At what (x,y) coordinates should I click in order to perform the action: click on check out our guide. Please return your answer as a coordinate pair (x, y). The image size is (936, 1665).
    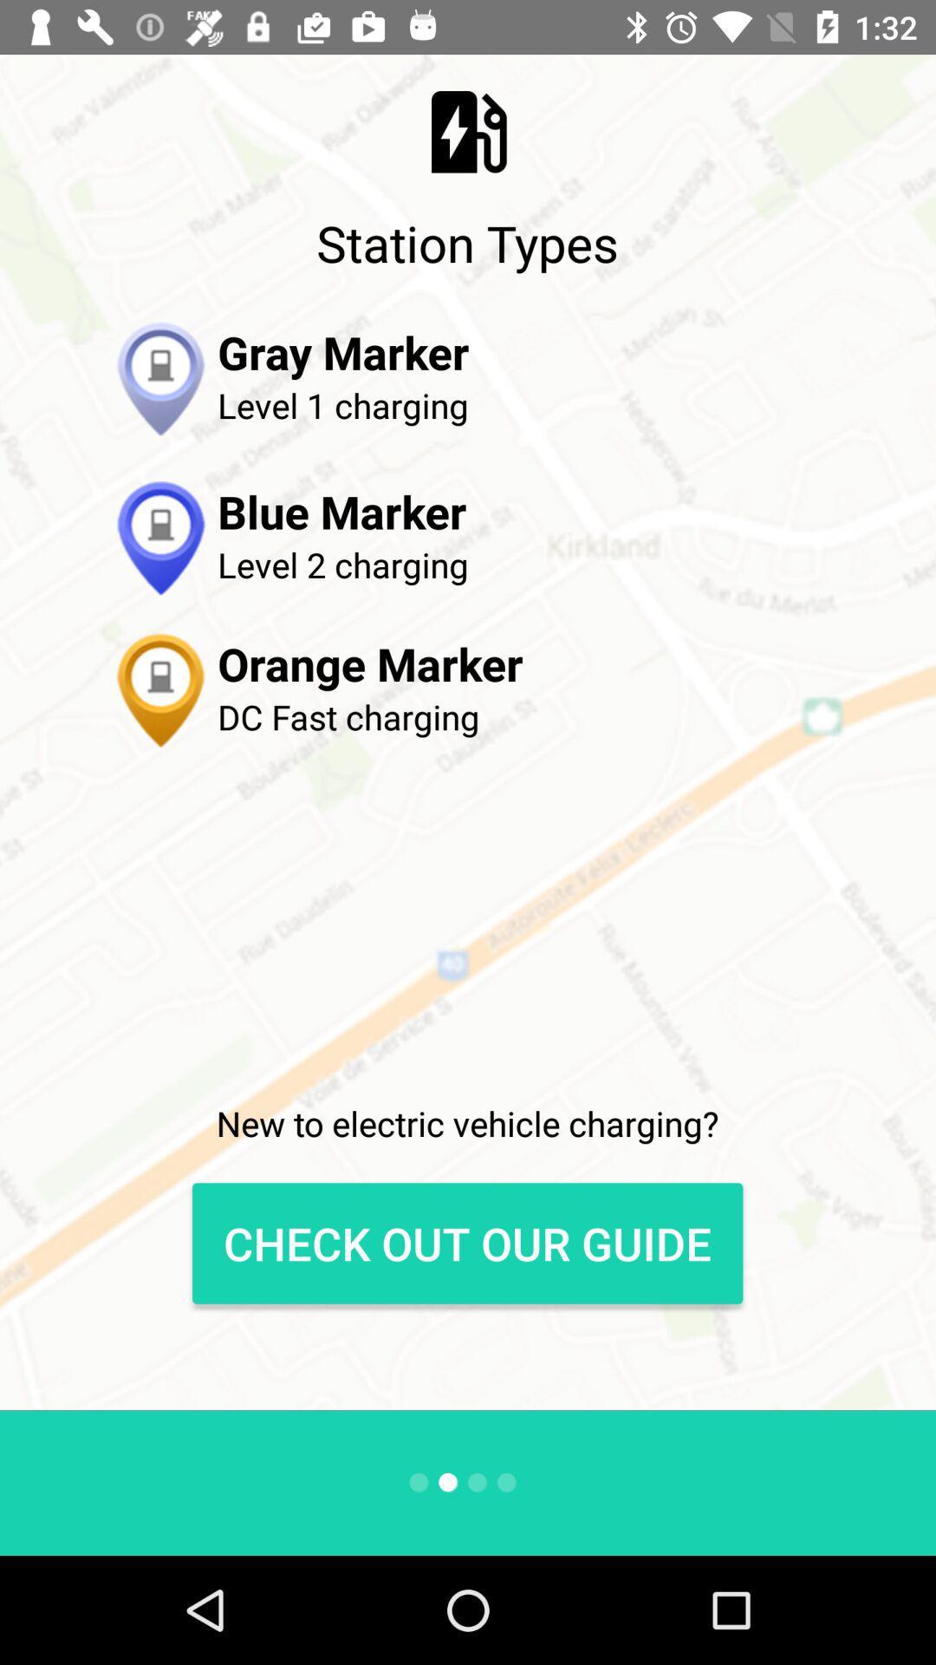
    Looking at the image, I should click on (468, 1243).